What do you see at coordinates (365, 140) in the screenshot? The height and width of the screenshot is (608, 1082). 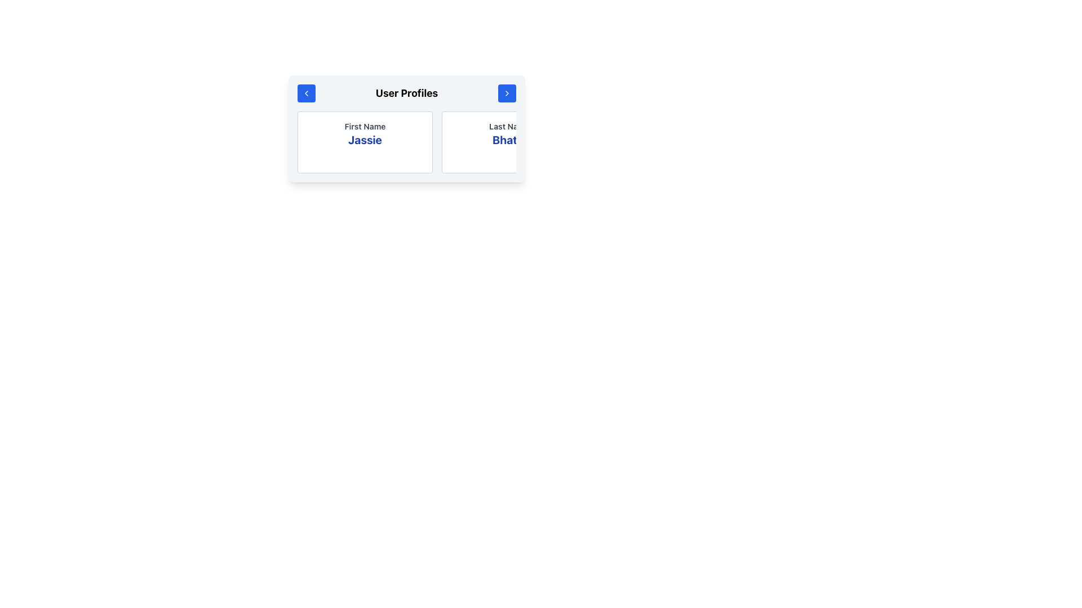 I see `the Text Display element that shows the first name 'Jassie' in the user profile card, located below the 'First Name' label` at bounding box center [365, 140].